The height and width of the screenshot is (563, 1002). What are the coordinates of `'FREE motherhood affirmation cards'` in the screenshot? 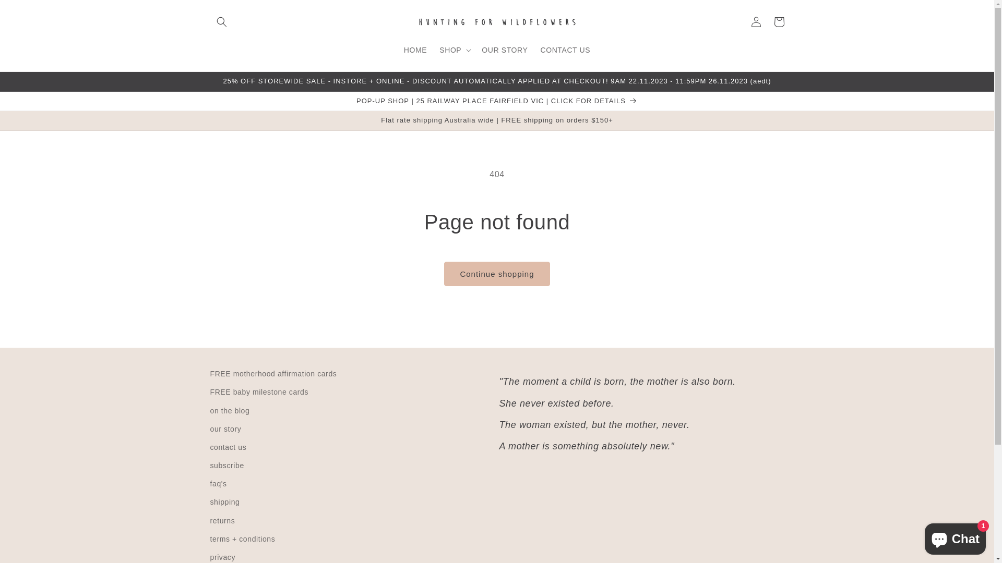 It's located at (273, 375).